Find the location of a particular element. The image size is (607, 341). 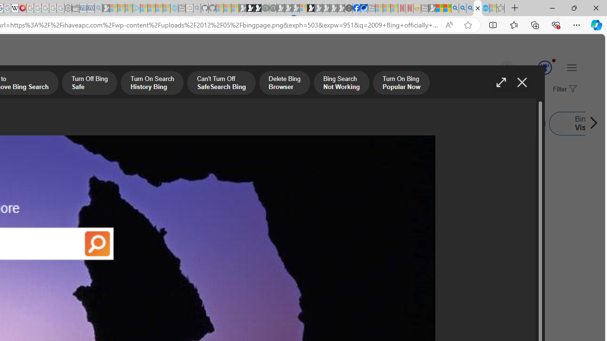

'Settings - Sleeping' is located at coordinates (67, 8).